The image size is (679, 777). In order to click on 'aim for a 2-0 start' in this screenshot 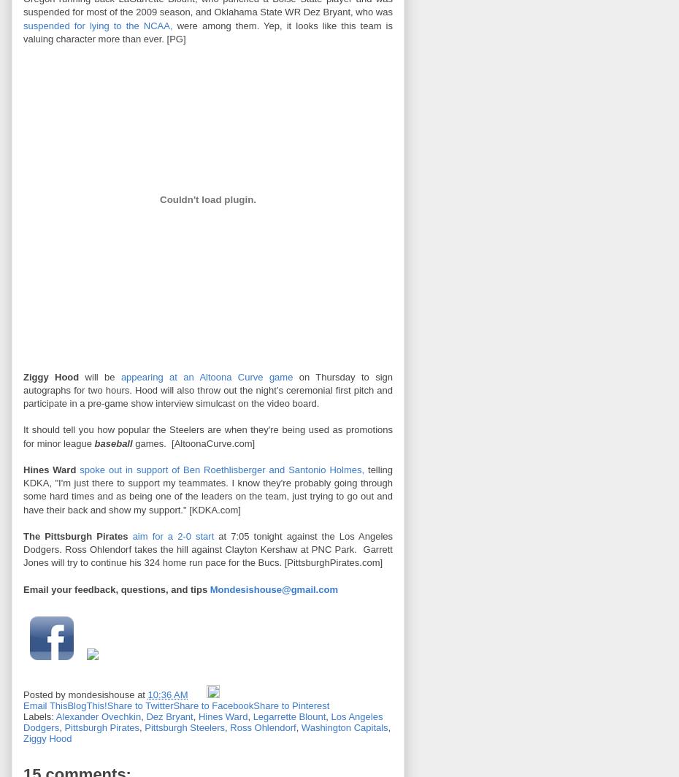, I will do `click(172, 535)`.